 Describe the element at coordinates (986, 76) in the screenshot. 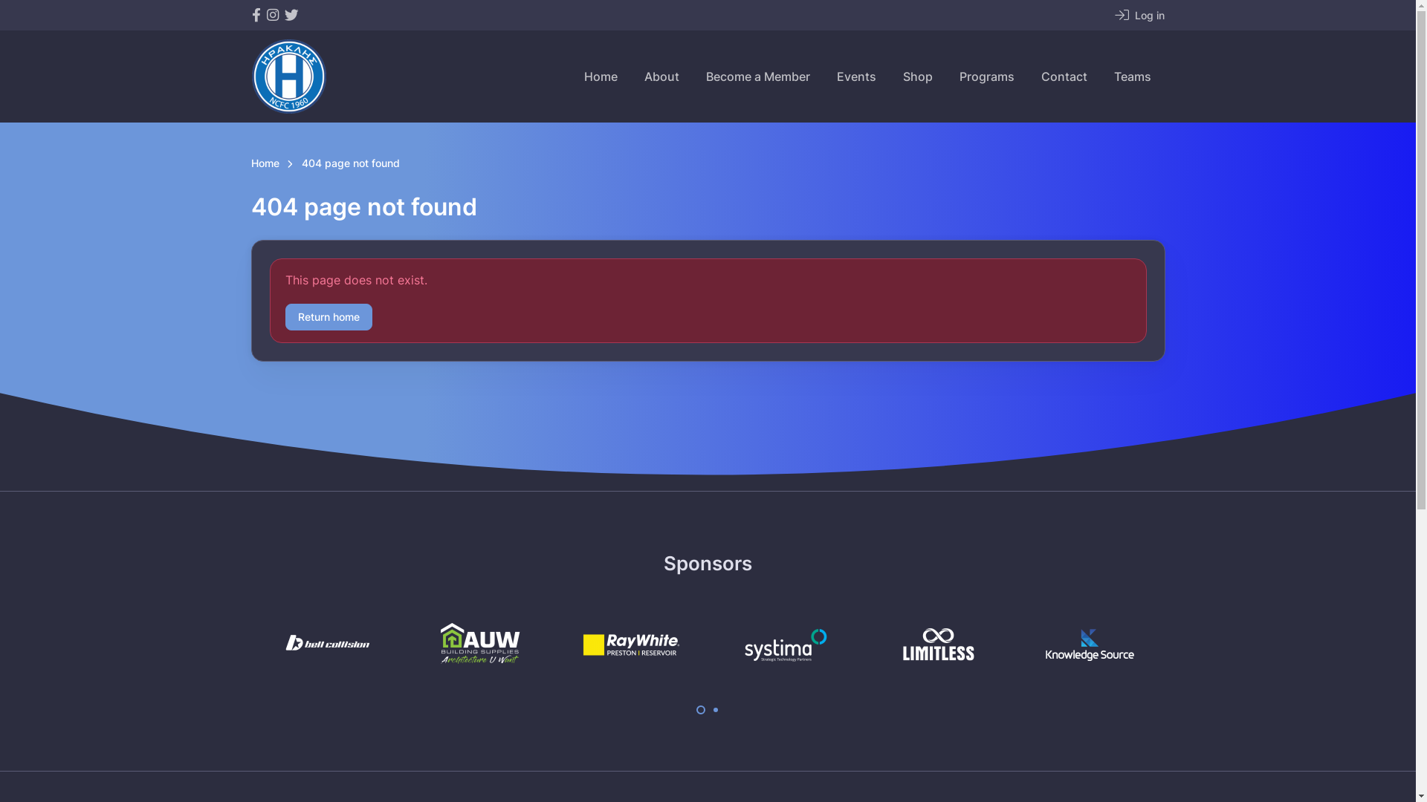

I see `'Programs'` at that location.